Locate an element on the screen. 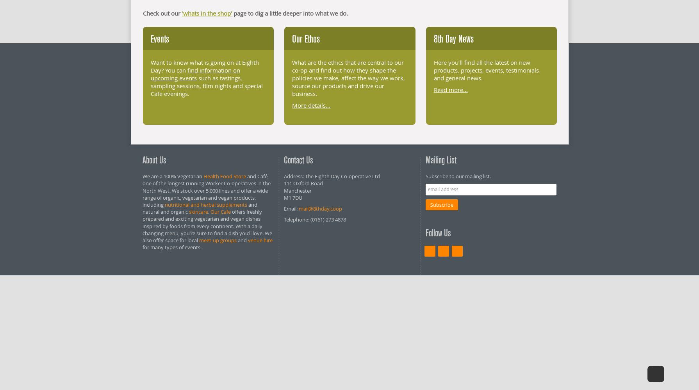  'Here you’ll find all the latest on new products, projects, events, testimonials and general news.' is located at coordinates (486, 70).